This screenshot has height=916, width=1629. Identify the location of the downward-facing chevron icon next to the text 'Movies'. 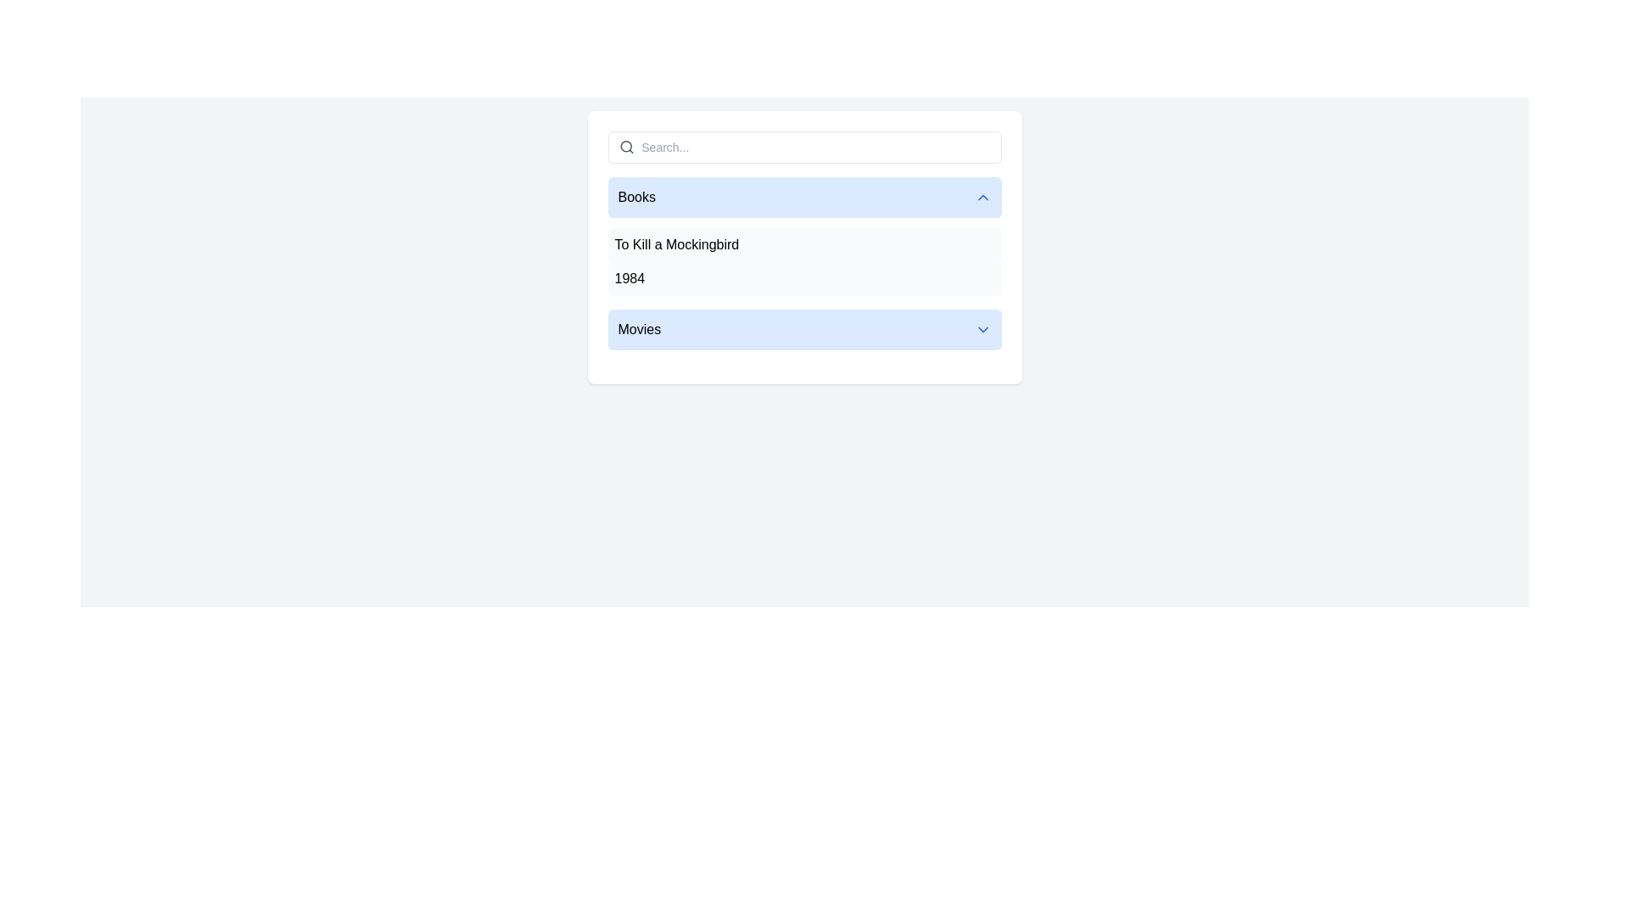
(982, 330).